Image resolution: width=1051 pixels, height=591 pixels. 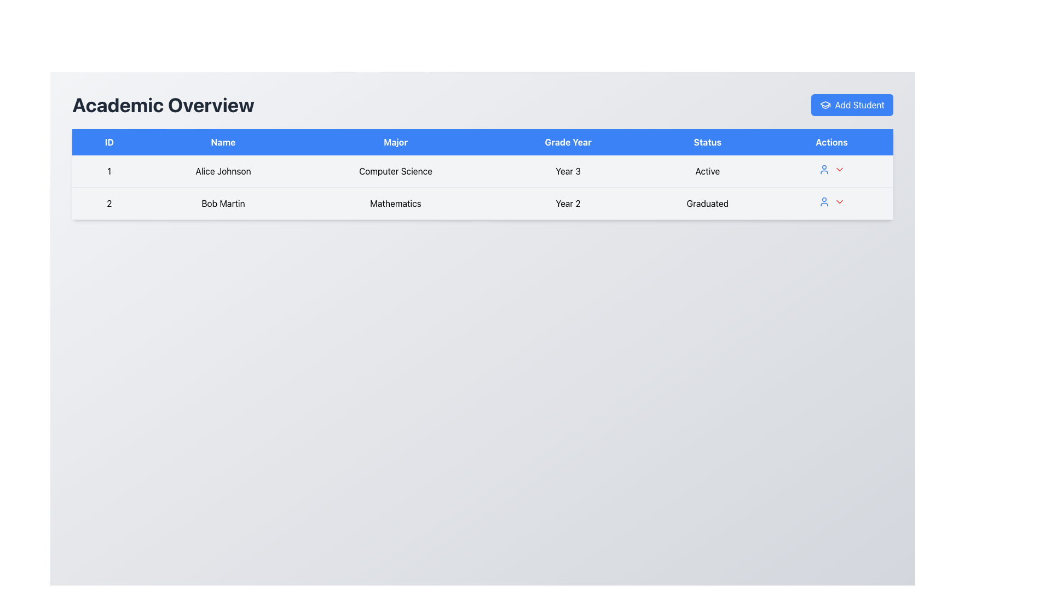 What do you see at coordinates (568, 141) in the screenshot?
I see `the 'Grade Year' header label in the table, which indicates the type of data presented in this column, positioned between 'Major' and 'Status'` at bounding box center [568, 141].